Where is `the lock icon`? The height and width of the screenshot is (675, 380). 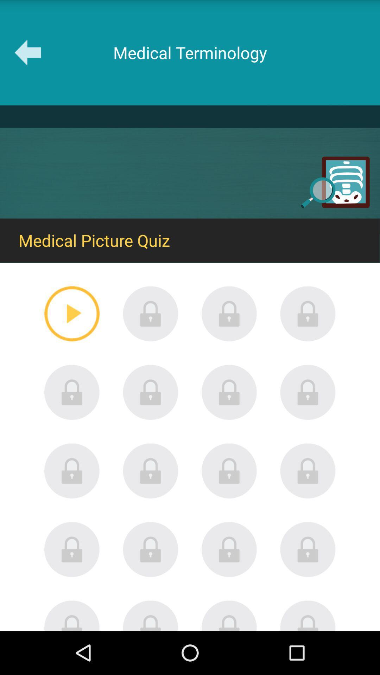
the lock icon is located at coordinates (72, 588).